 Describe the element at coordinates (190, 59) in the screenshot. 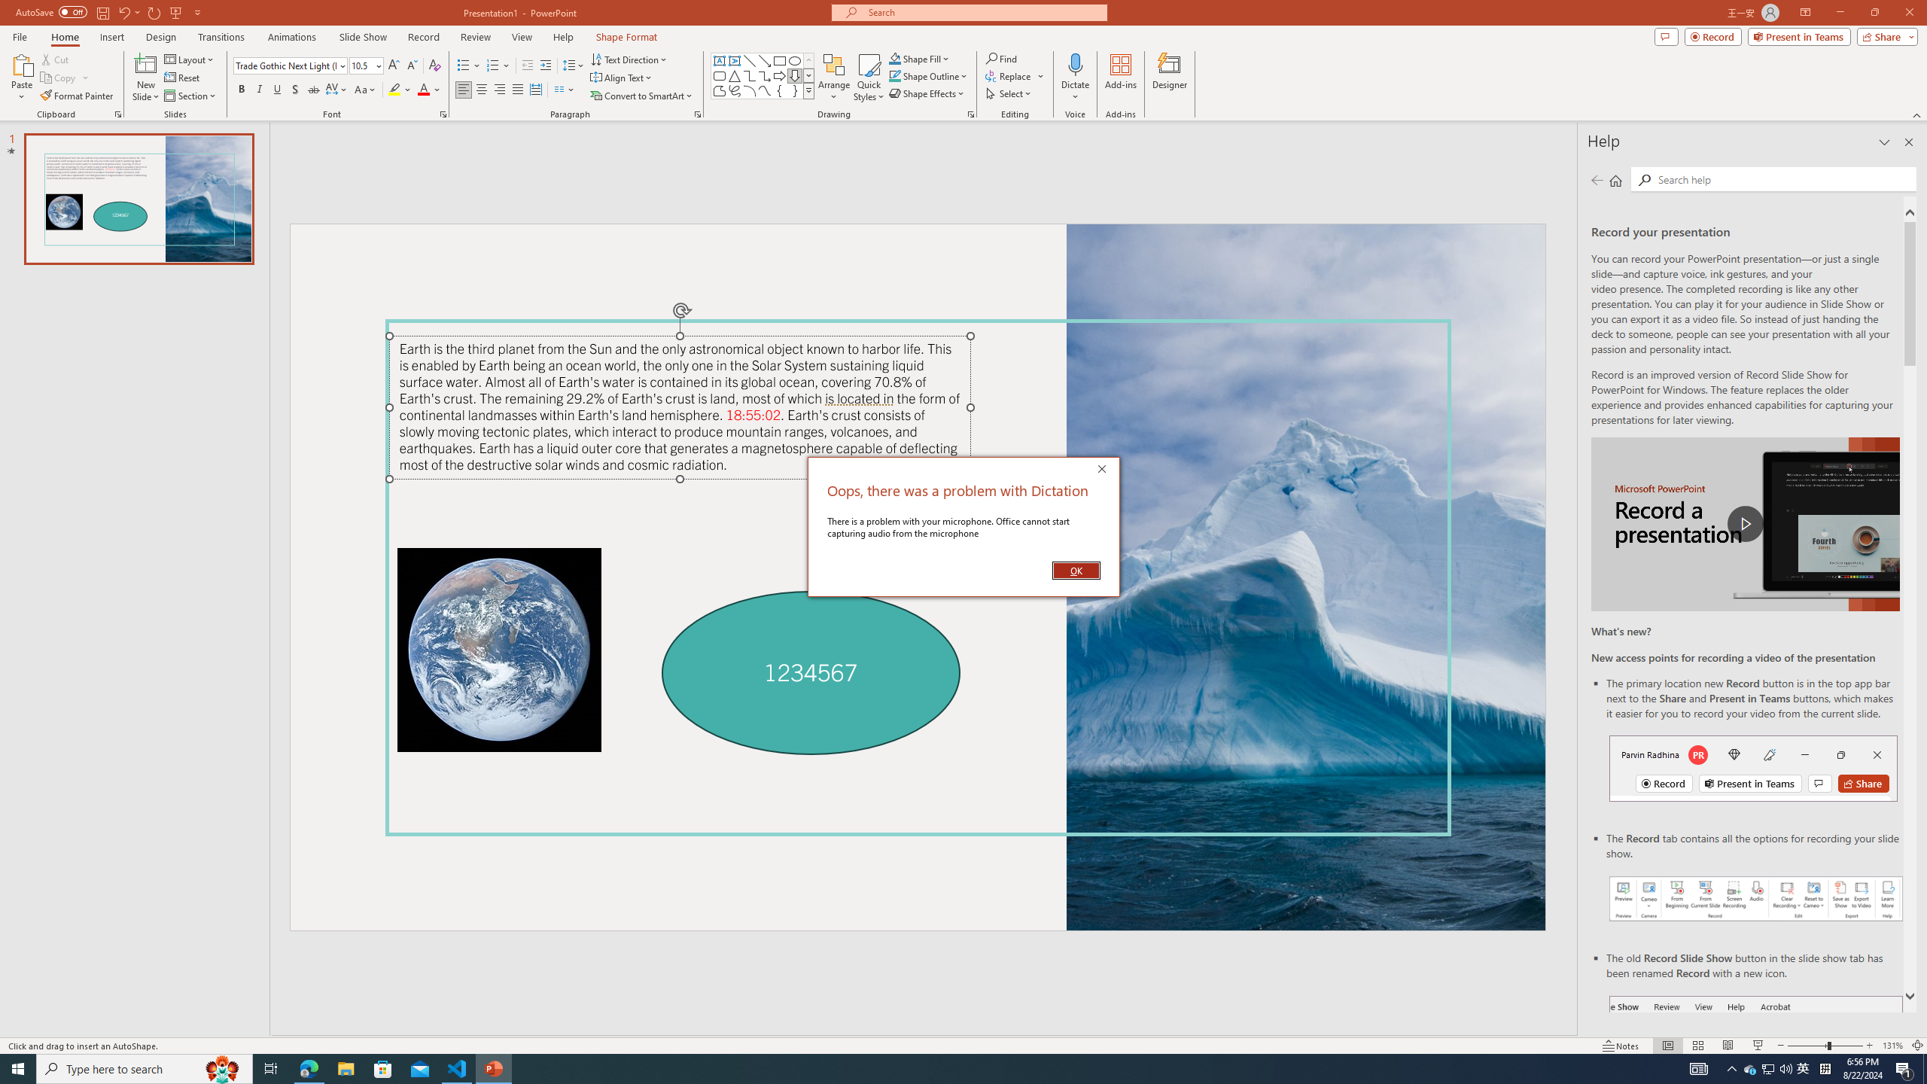

I see `'Layout'` at that location.